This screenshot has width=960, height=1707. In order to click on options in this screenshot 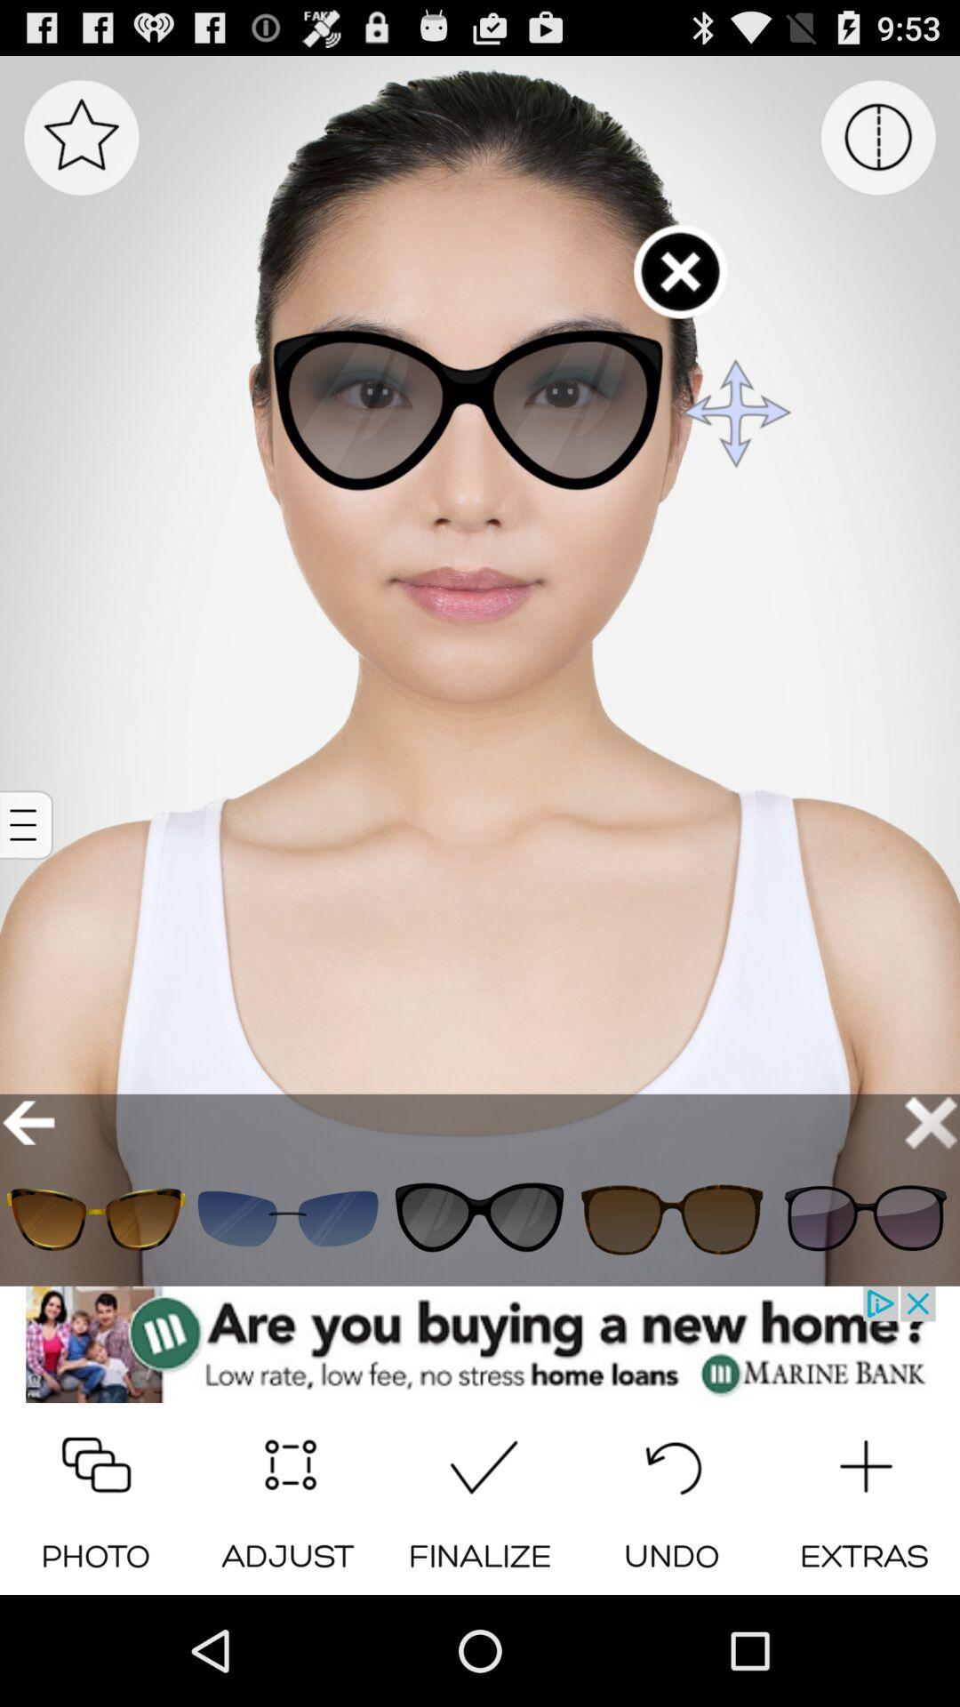, I will do `click(28, 824)`.